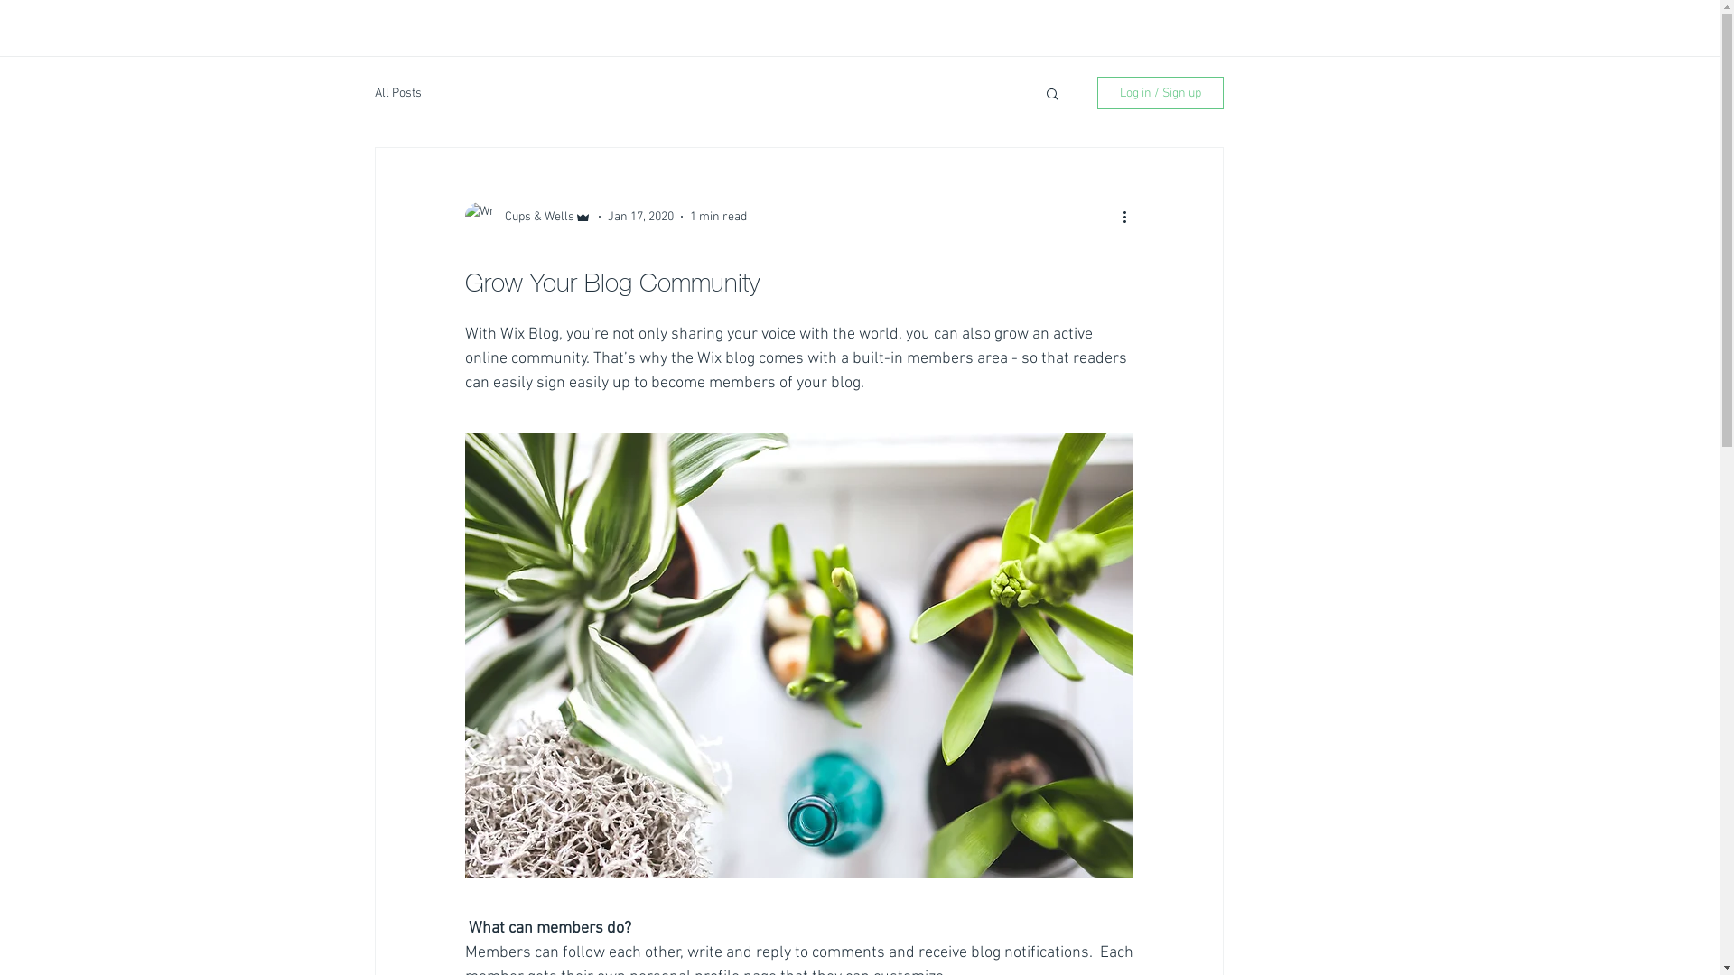 Image resolution: width=1734 pixels, height=975 pixels. I want to click on 'All Posts', so click(396, 92).